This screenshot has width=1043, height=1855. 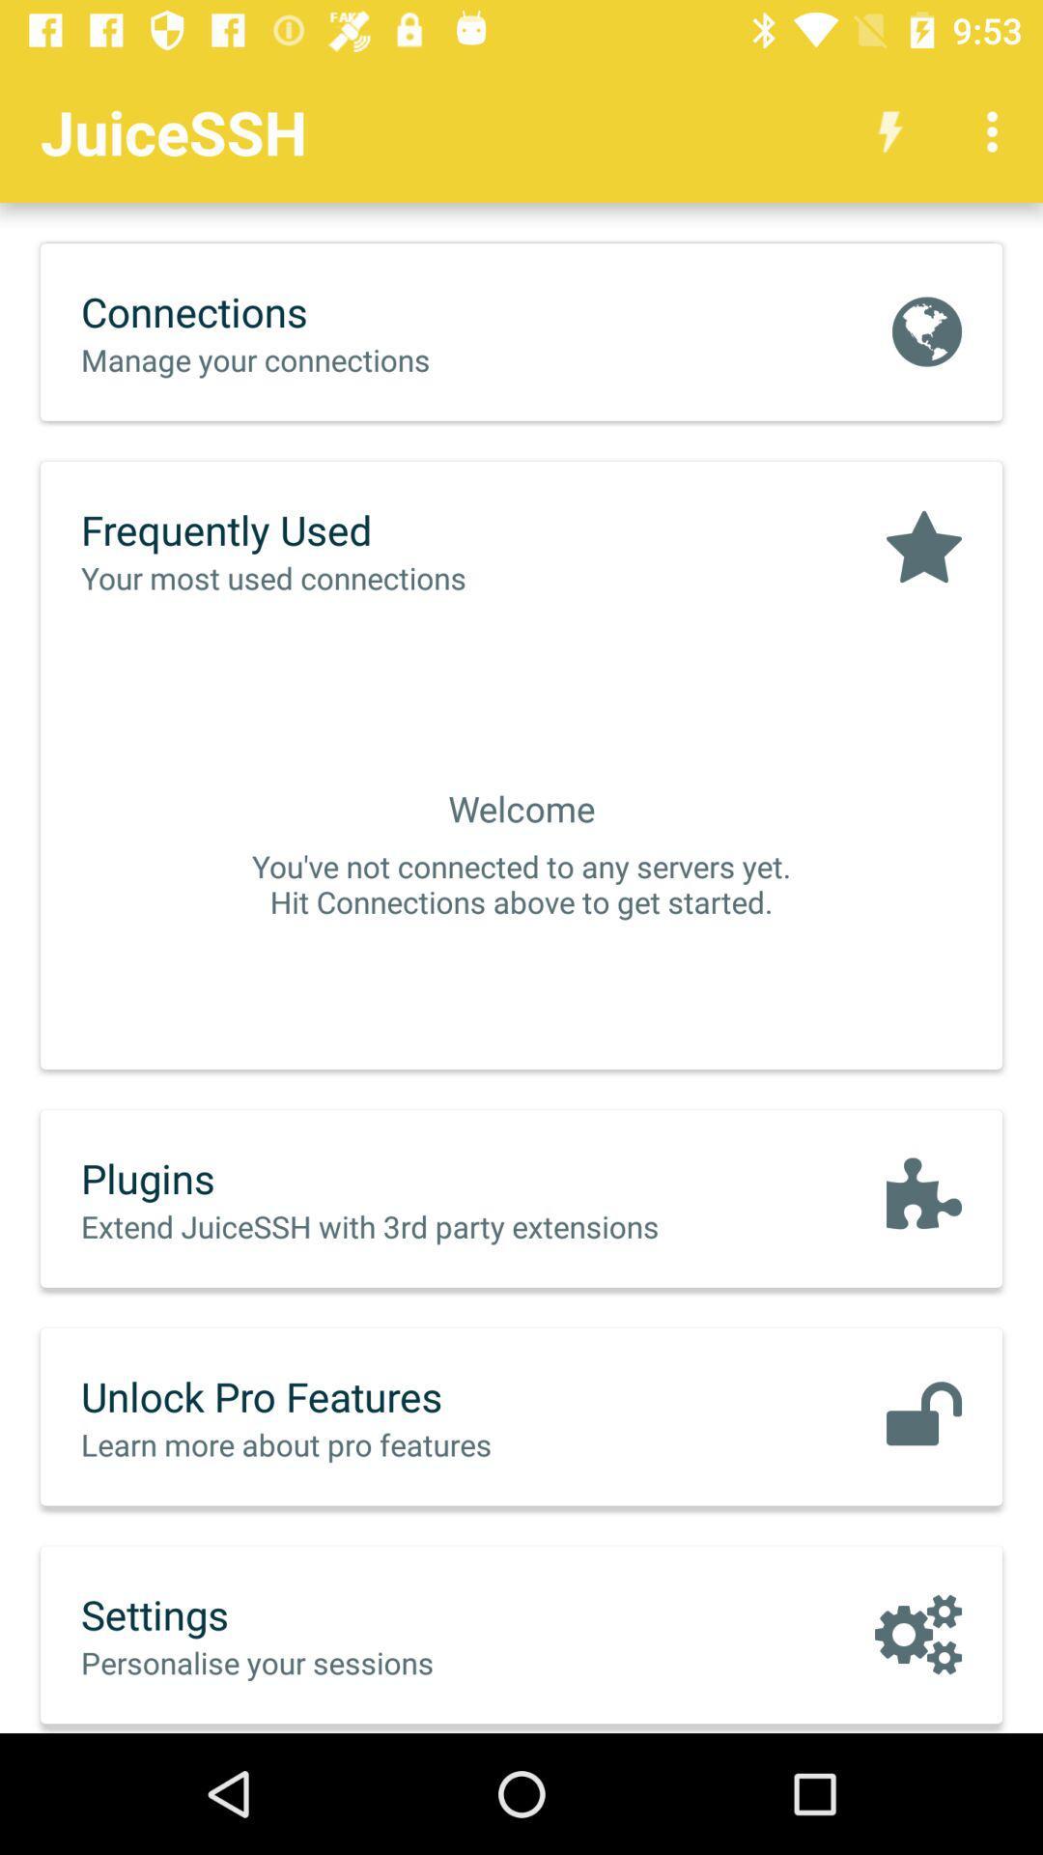 I want to click on the icon next to connections item, so click(x=926, y=331).